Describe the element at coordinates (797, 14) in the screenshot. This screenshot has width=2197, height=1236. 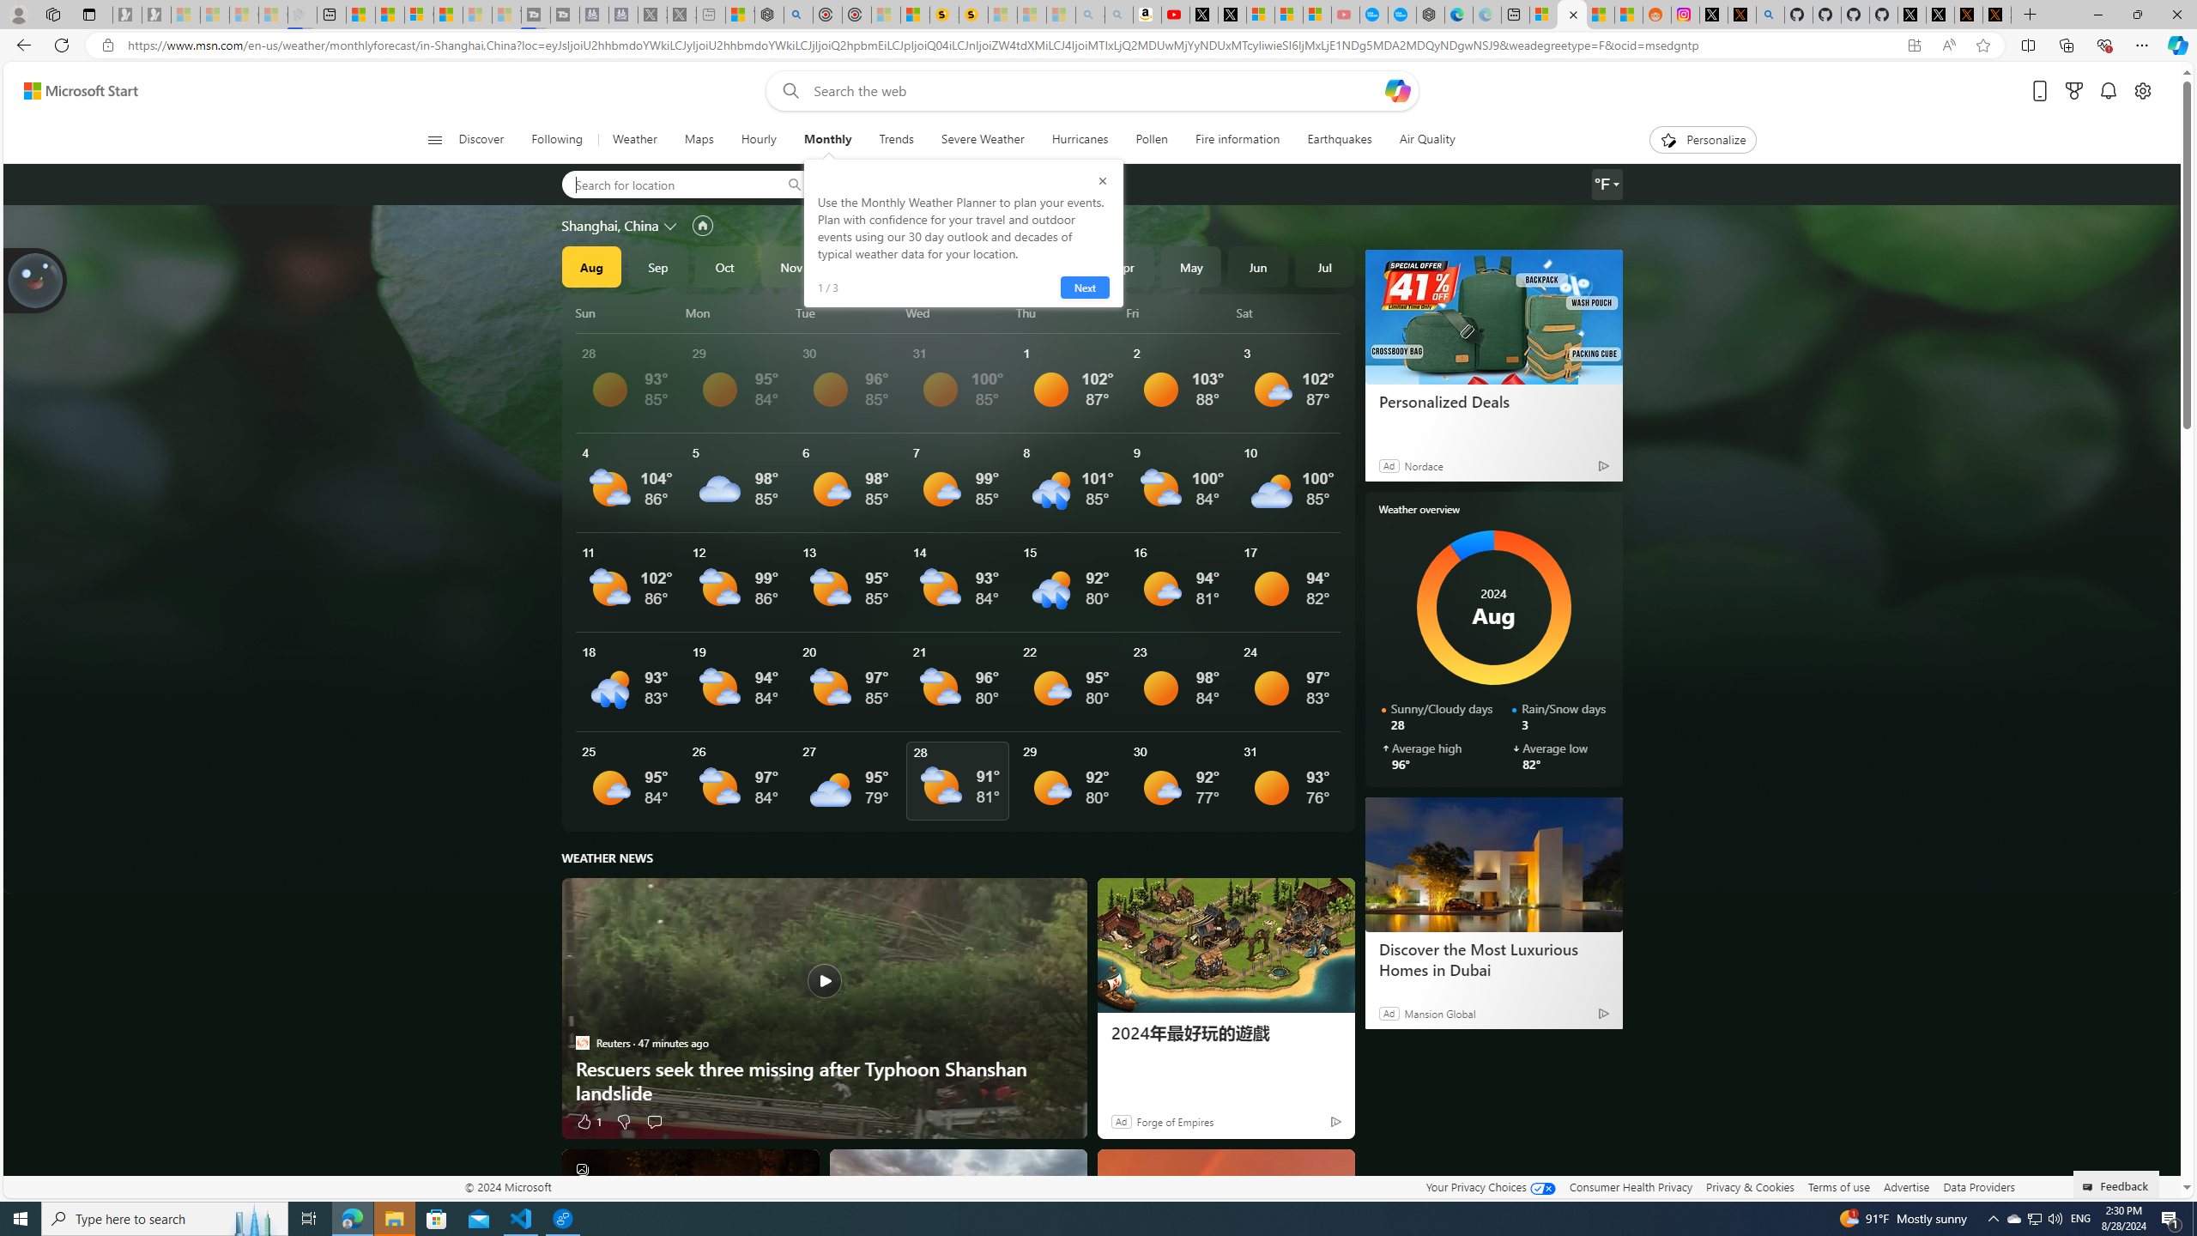
I see `'poe - Search'` at that location.